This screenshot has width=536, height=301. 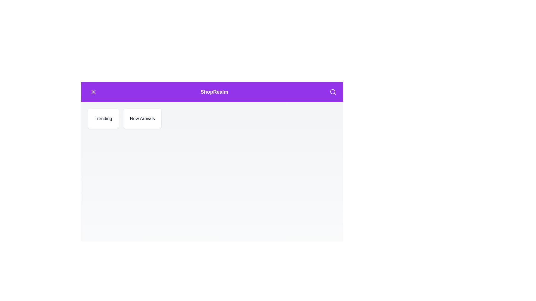 I want to click on the menu toggle button in the header to toggle the menu visibility, so click(x=94, y=92).